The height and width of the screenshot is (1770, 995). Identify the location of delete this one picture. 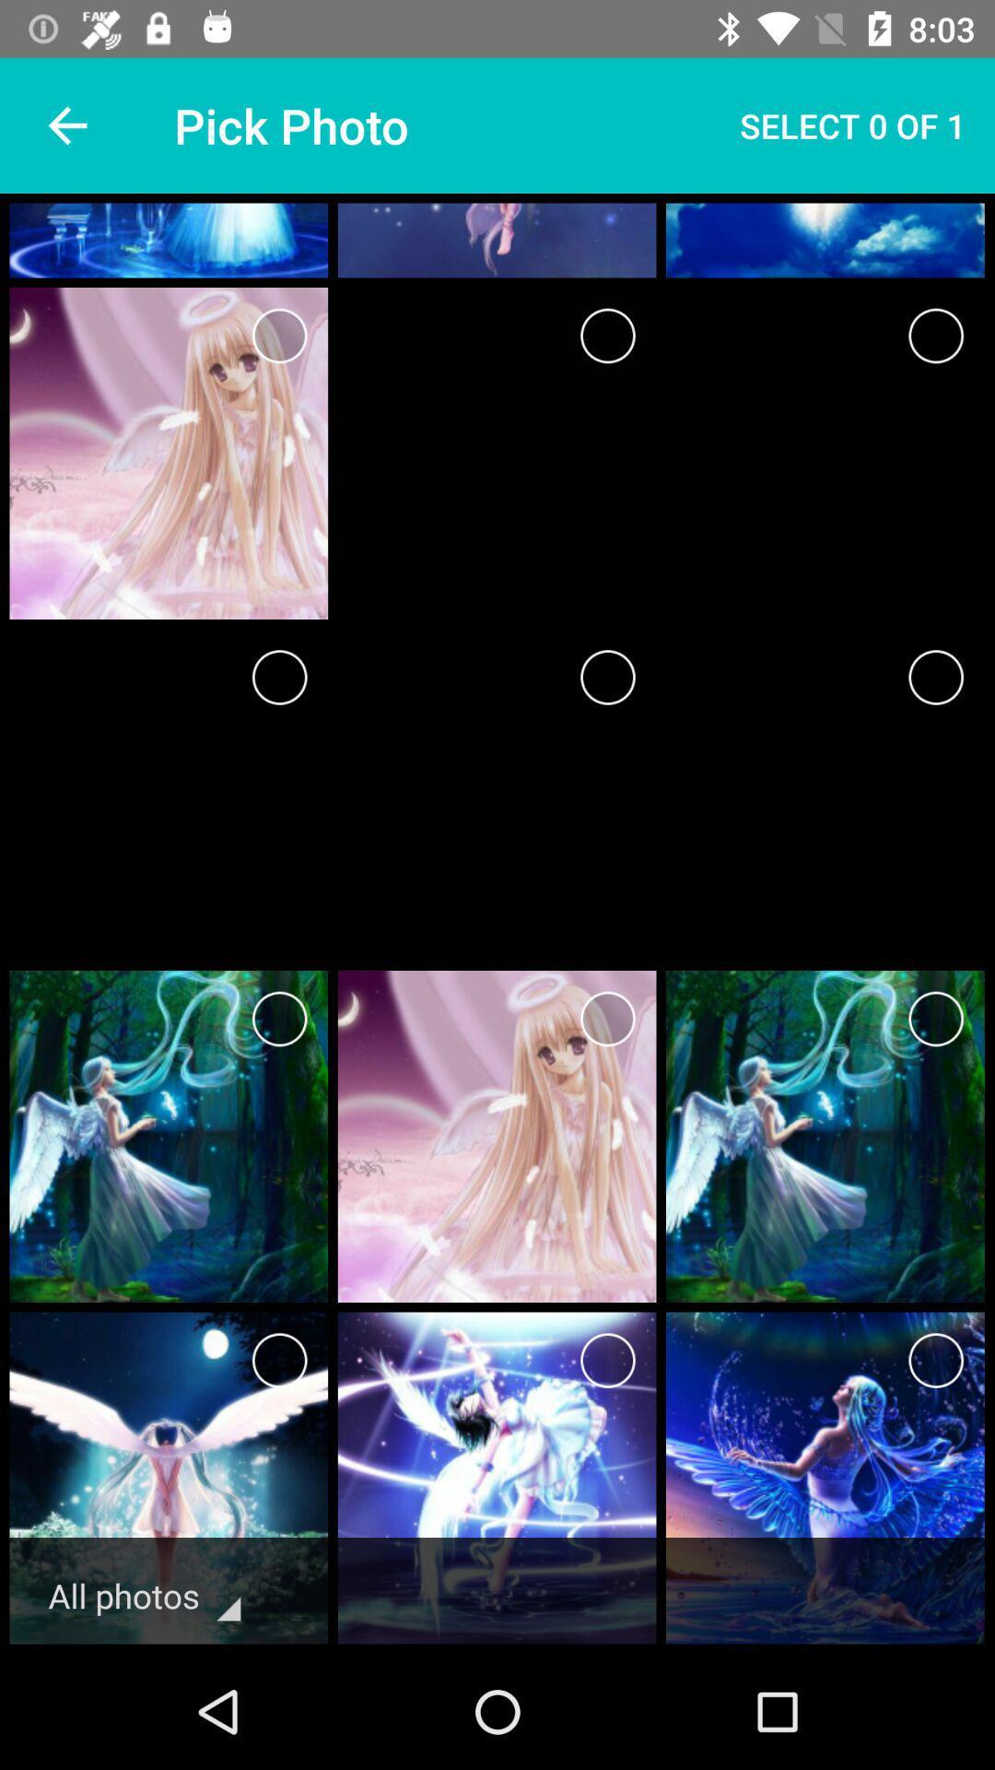
(607, 1018).